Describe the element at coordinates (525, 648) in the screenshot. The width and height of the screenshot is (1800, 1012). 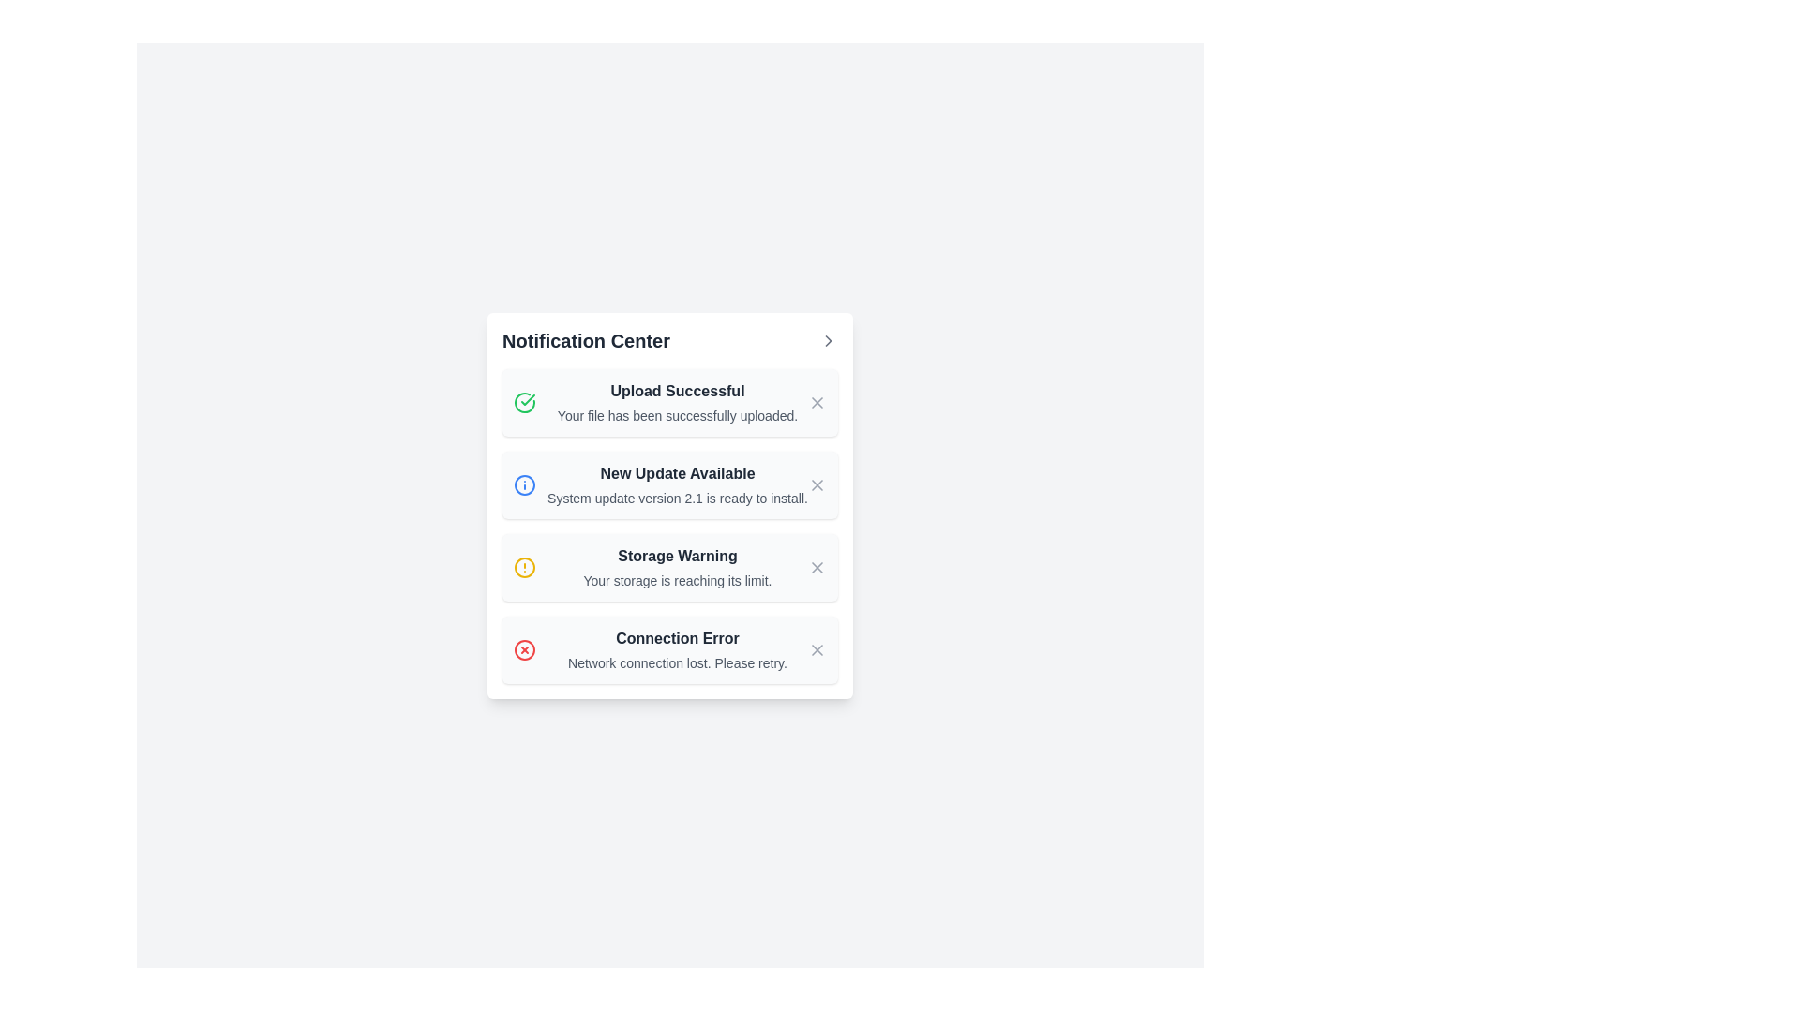
I see `the red circular border with a white interior and red 'X' symbol located in the bottommost panel of the notification list, aligned to the right side of the 'Connection Error' notification` at that location.